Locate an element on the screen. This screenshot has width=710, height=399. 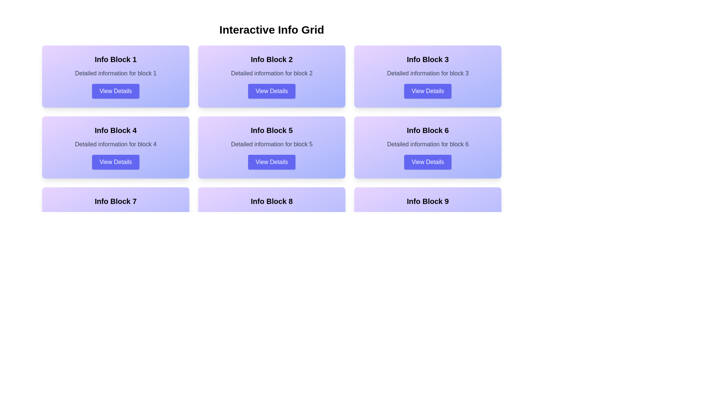
the 'View Details' button is located at coordinates (427, 91).